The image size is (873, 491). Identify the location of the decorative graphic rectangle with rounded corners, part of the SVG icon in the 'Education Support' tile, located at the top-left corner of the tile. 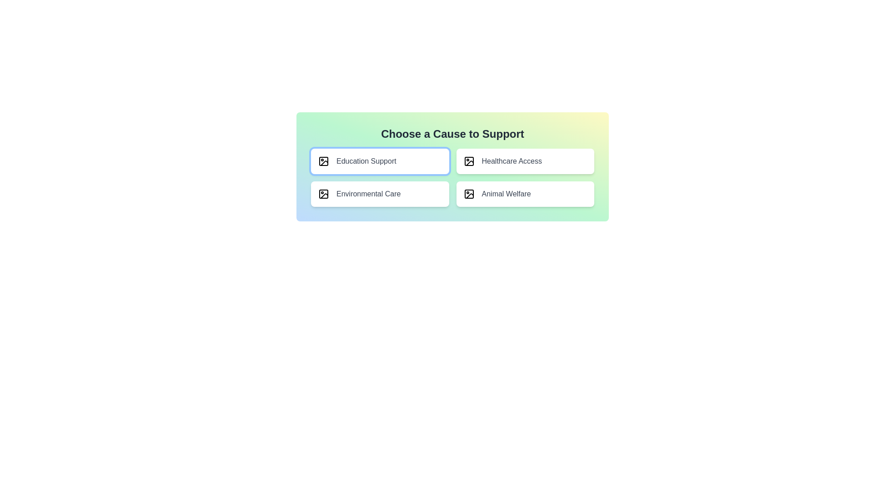
(323, 160).